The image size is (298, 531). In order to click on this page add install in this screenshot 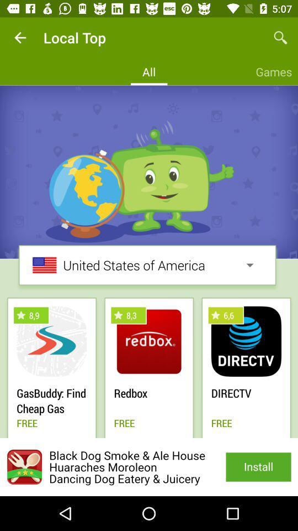, I will do `click(149, 466)`.